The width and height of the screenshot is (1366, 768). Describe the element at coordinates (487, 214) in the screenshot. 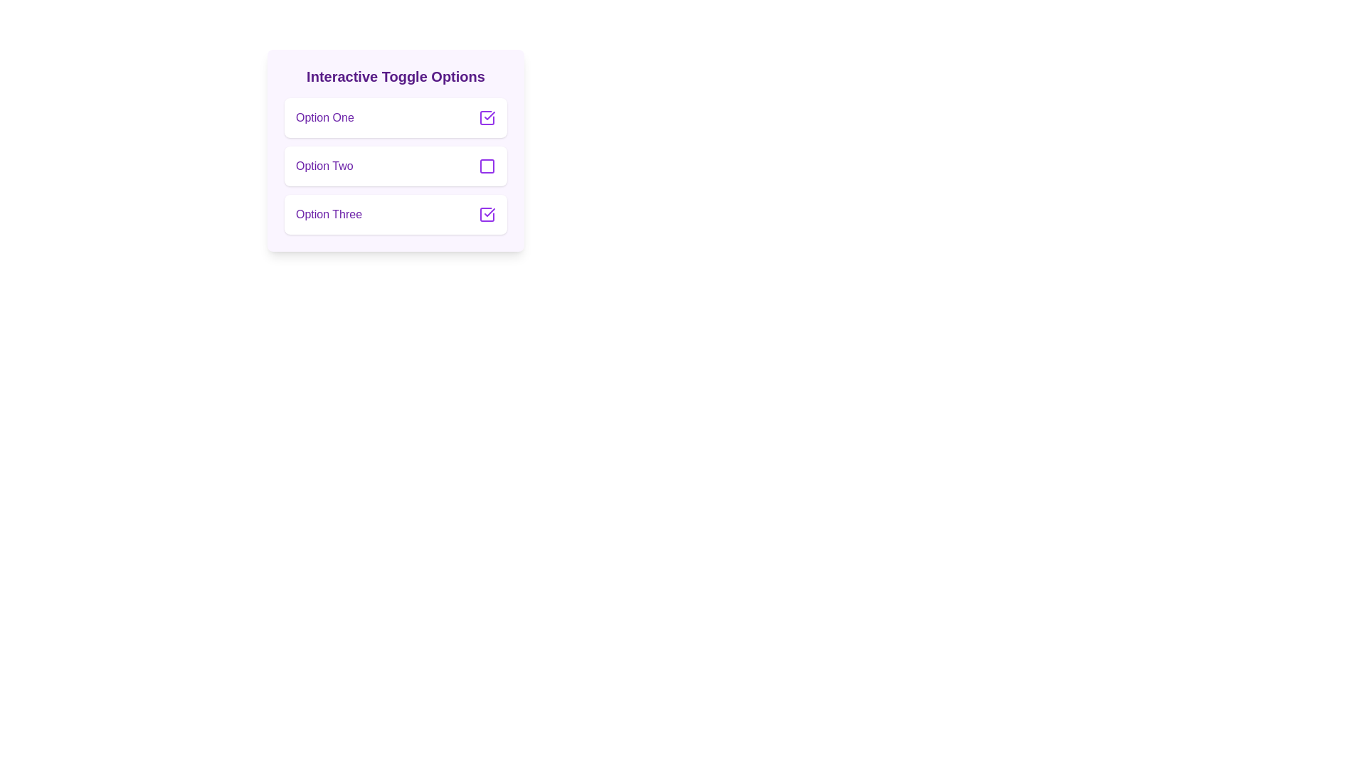

I see `the Outline segment of the SVG-based checkbox icon representing the checked status for 'Option Three'` at that location.